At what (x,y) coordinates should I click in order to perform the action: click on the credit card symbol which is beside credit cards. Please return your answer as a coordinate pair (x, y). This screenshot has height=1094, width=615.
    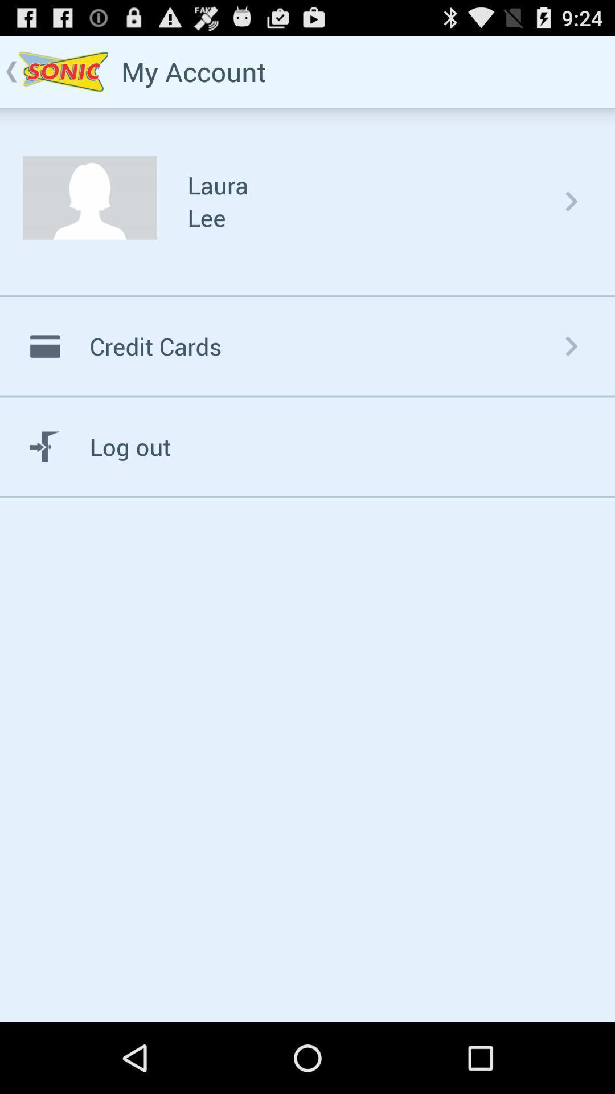
    Looking at the image, I should click on (44, 345).